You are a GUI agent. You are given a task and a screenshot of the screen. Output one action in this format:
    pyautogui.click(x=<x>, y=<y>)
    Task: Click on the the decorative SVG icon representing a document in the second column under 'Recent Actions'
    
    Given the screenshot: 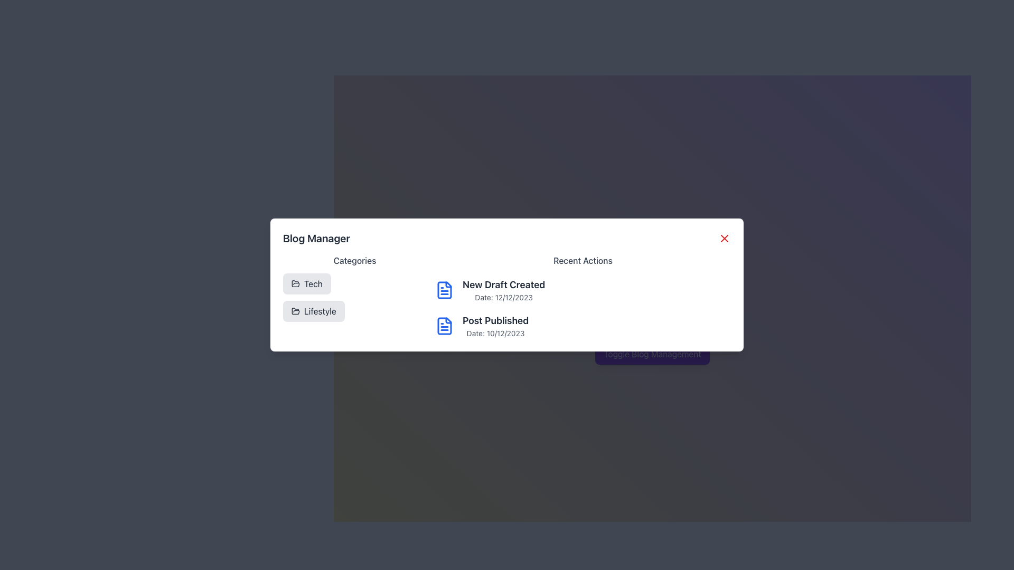 What is the action you would take?
    pyautogui.click(x=448, y=284)
    